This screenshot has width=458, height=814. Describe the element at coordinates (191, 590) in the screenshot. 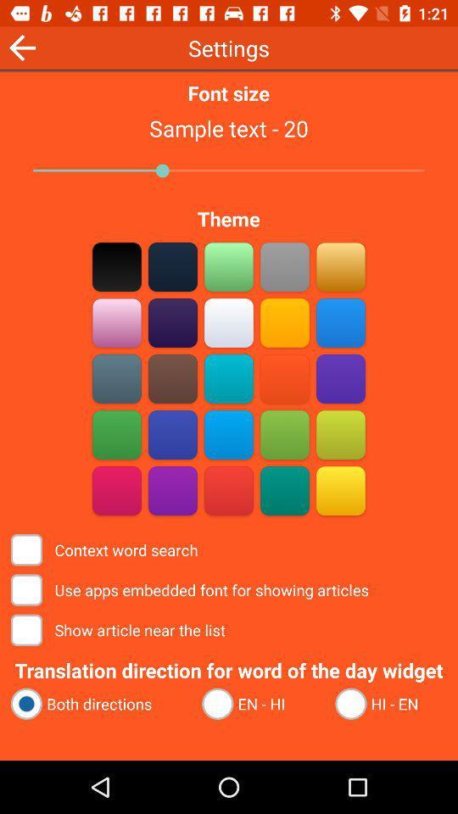

I see `the use apps embedded` at that location.